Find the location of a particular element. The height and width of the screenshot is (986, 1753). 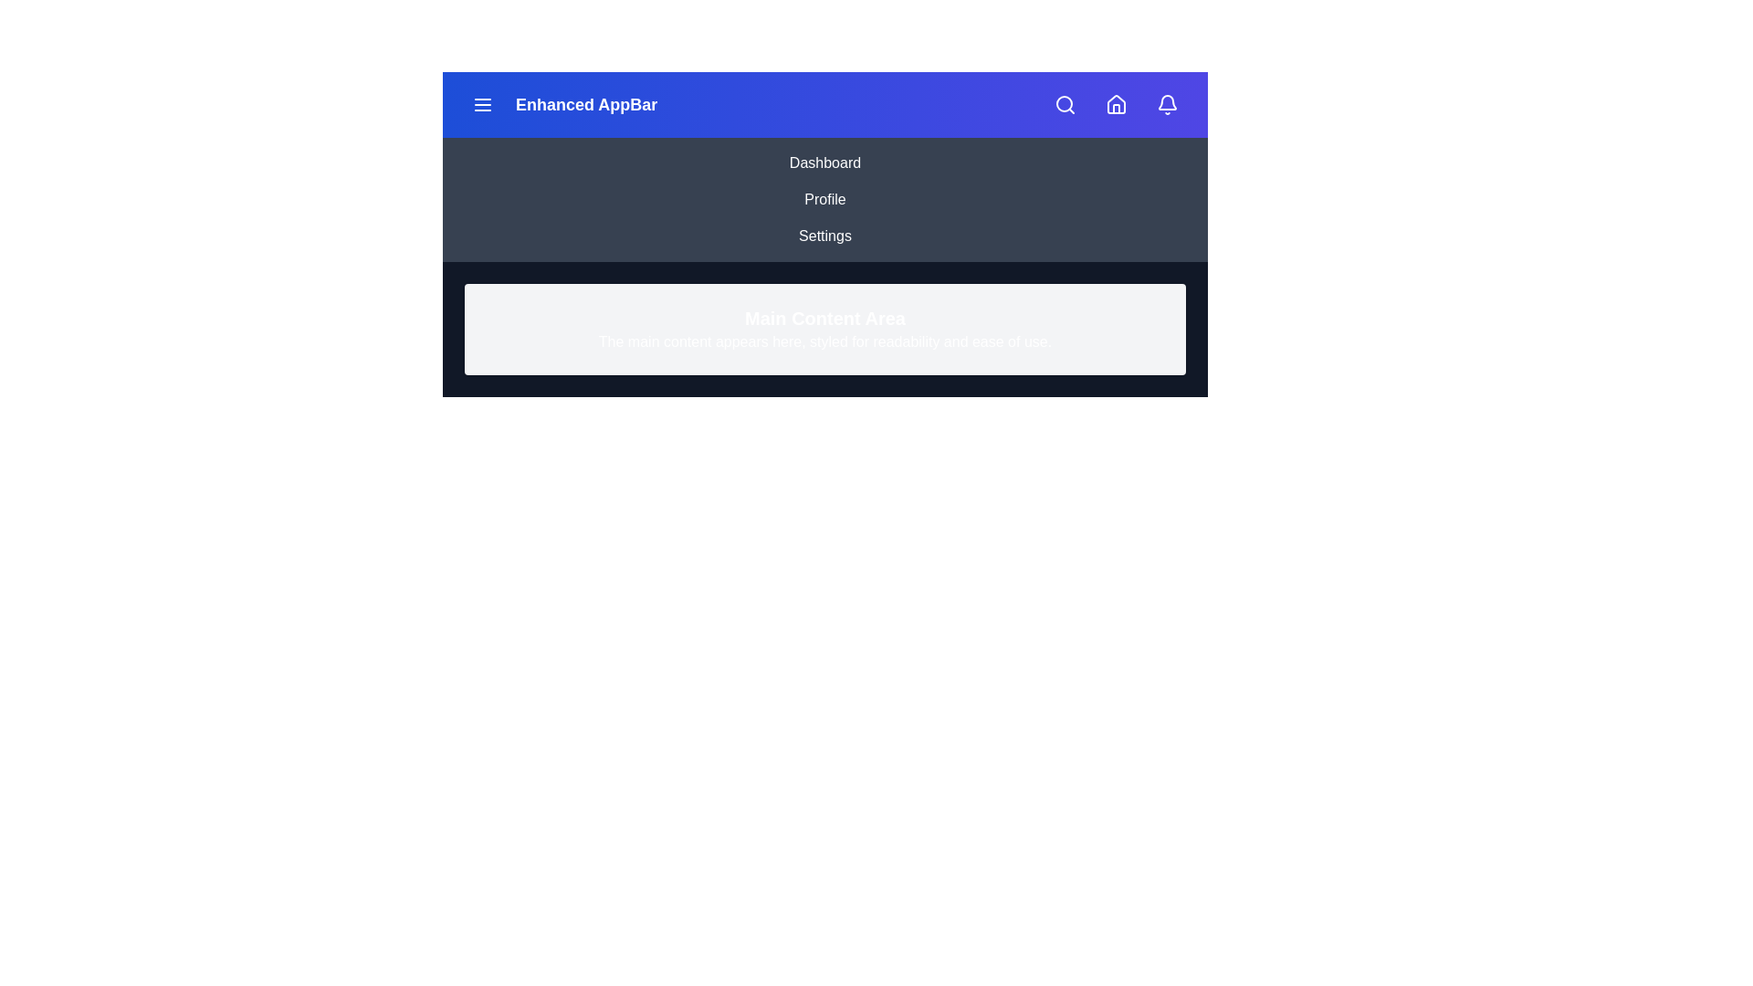

the search icon to initiate a search action is located at coordinates (1065, 105).